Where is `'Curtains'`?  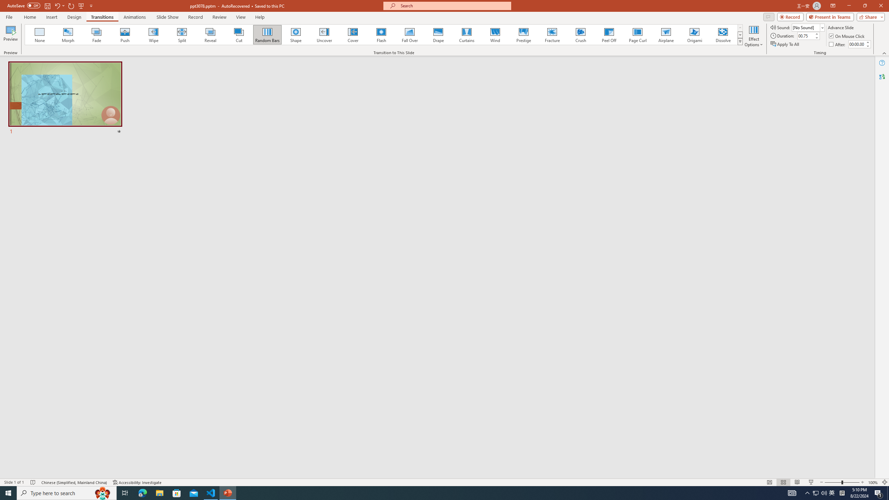 'Curtains' is located at coordinates (467, 34).